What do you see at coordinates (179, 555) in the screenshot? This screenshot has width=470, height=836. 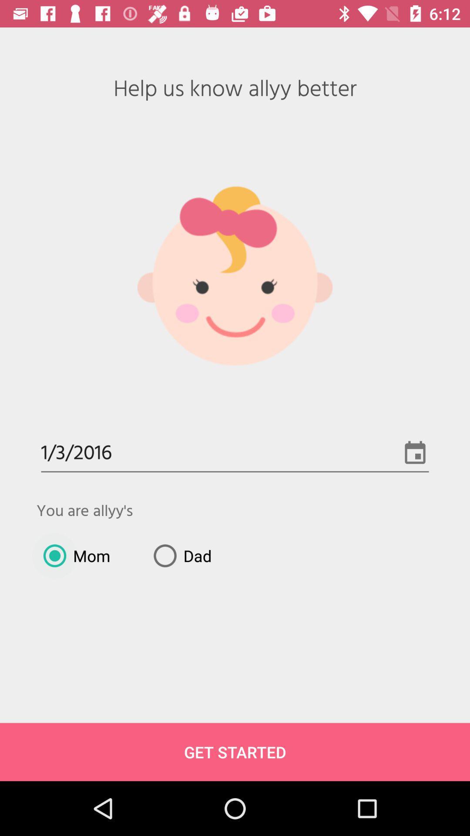 I see `the item below the you are allyy` at bounding box center [179, 555].